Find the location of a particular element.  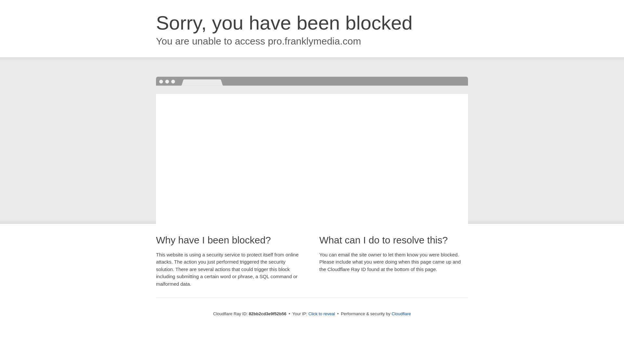

'Click to reveal' is located at coordinates (321, 313).